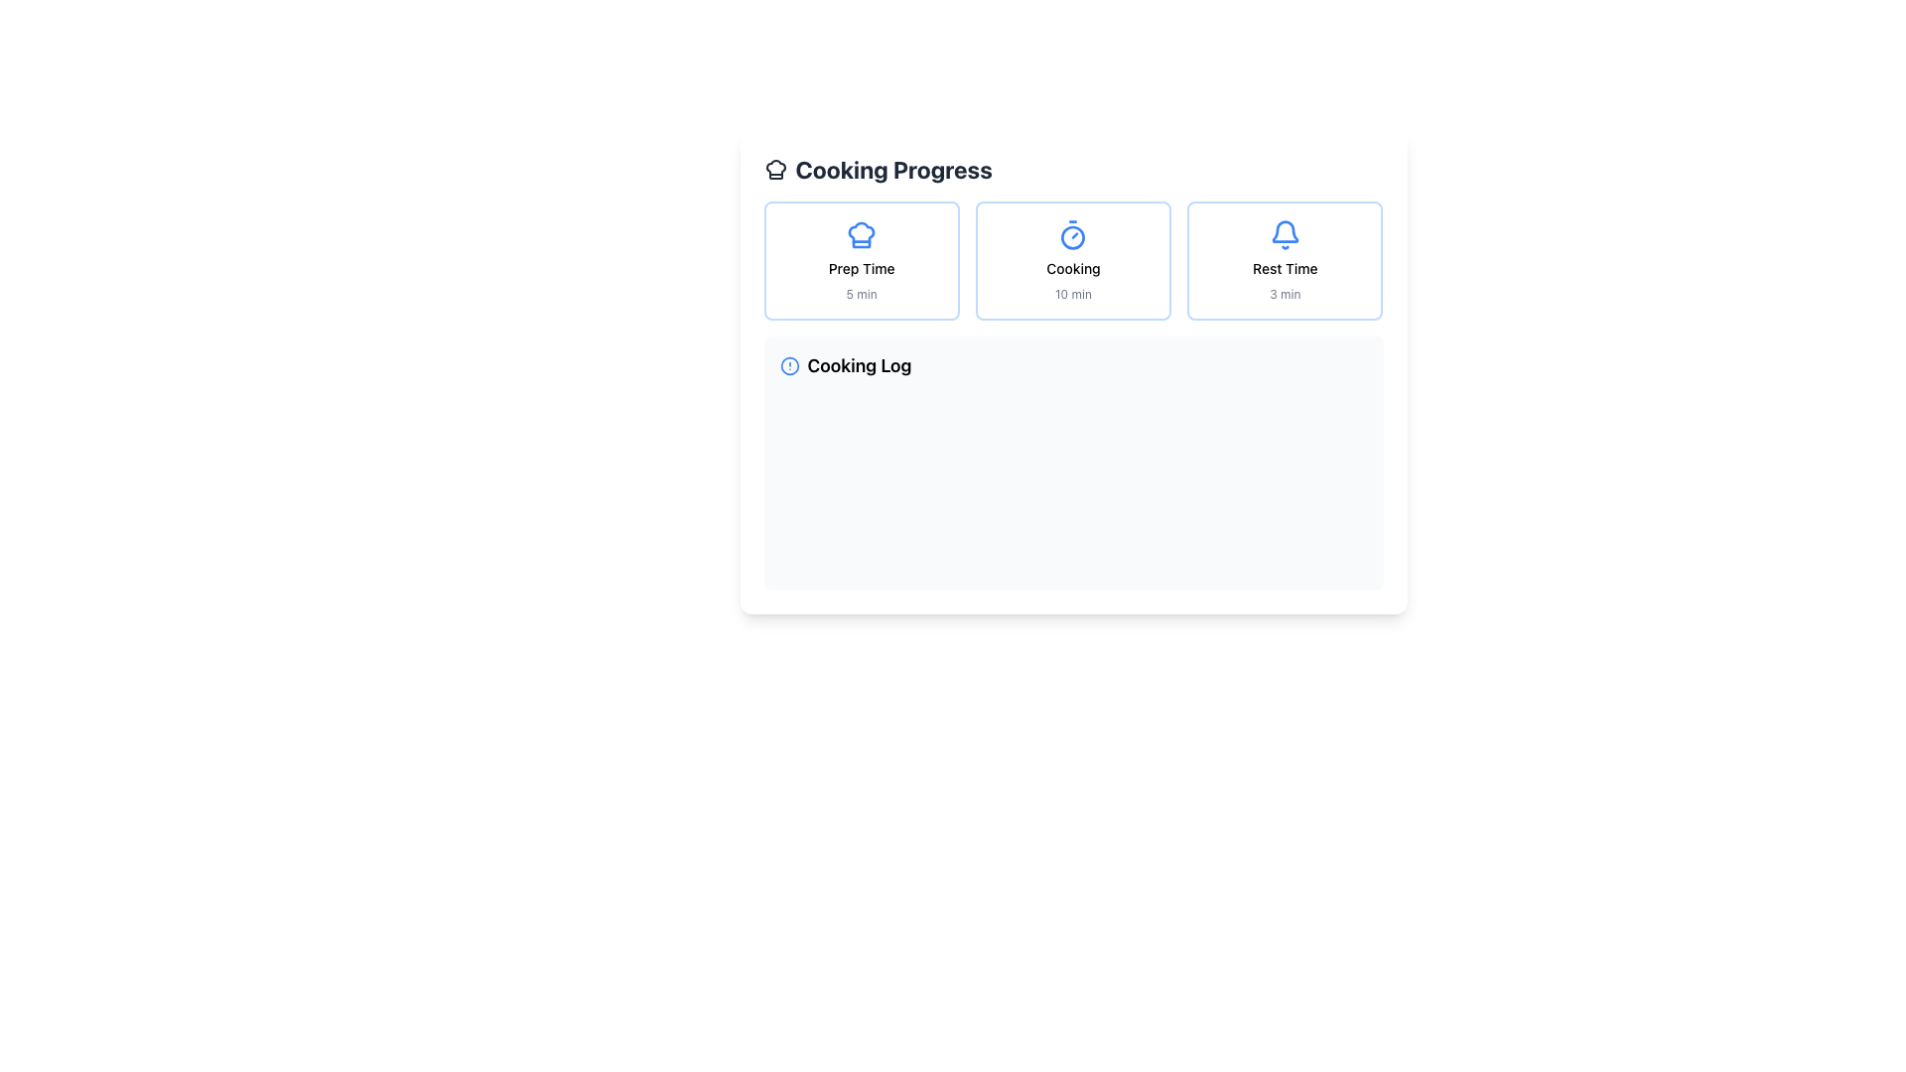 Image resolution: width=1906 pixels, height=1072 pixels. What do you see at coordinates (1285, 233) in the screenshot?
I see `the 'Rest Time' icon located in the upper section of the 'Rest Time' card, which is the third card in a row of three cards, positioned in the top-right of the 'Cooking Progress' section` at bounding box center [1285, 233].